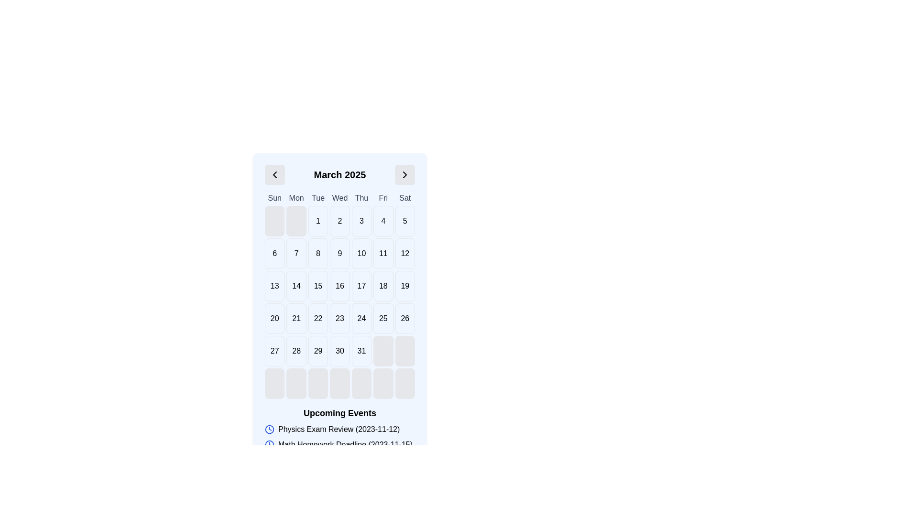 This screenshot has width=918, height=516. Describe the element at coordinates (318, 351) in the screenshot. I see `the Calendar date cell displaying '29', which is located in the last row of the grid layout and is the third cell from the left` at that location.